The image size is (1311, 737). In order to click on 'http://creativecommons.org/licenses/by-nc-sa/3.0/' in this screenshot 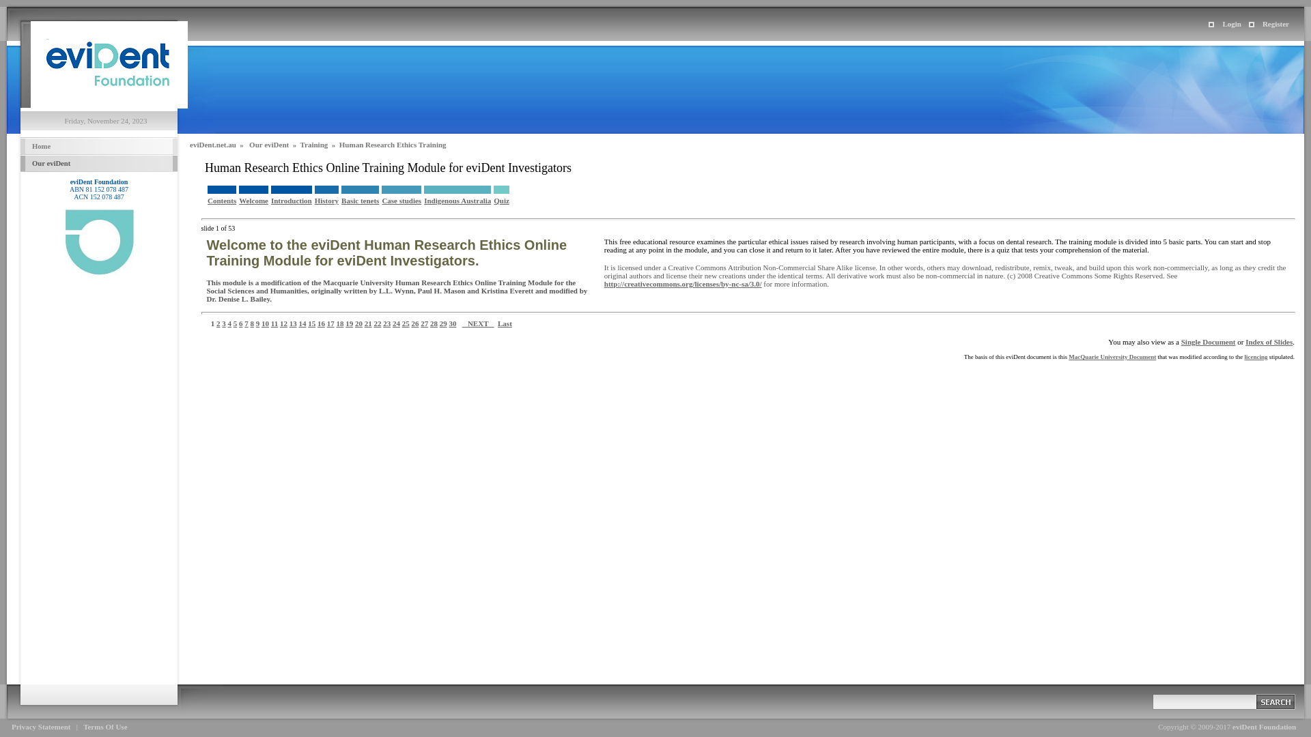, I will do `click(683, 283)`.